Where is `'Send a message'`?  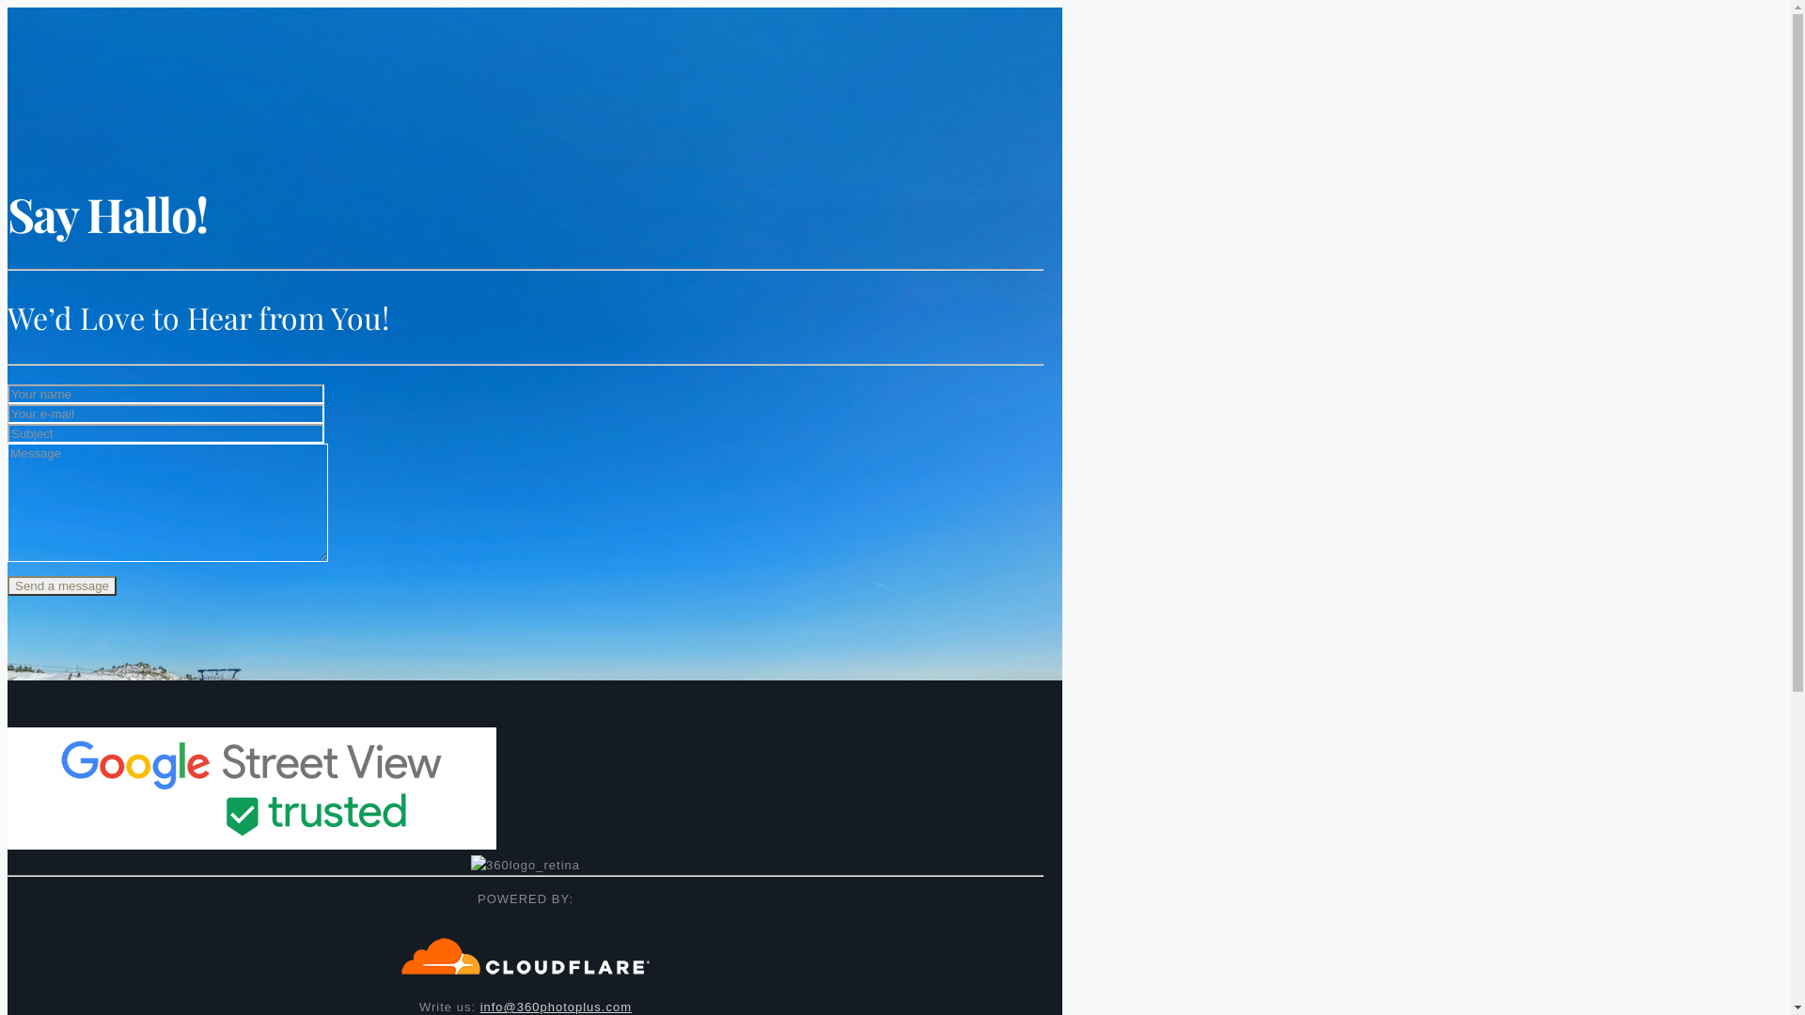 'Send a message' is located at coordinates (8, 585).